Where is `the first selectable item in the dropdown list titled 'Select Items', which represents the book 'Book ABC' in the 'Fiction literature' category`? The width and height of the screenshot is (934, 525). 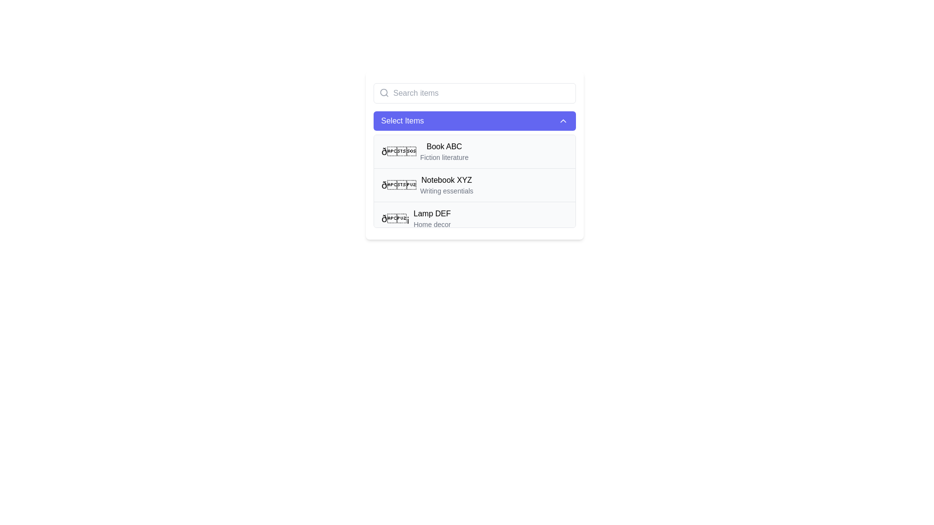
the first selectable item in the dropdown list titled 'Select Items', which represents the book 'Book ABC' in the 'Fiction literature' category is located at coordinates (425, 152).